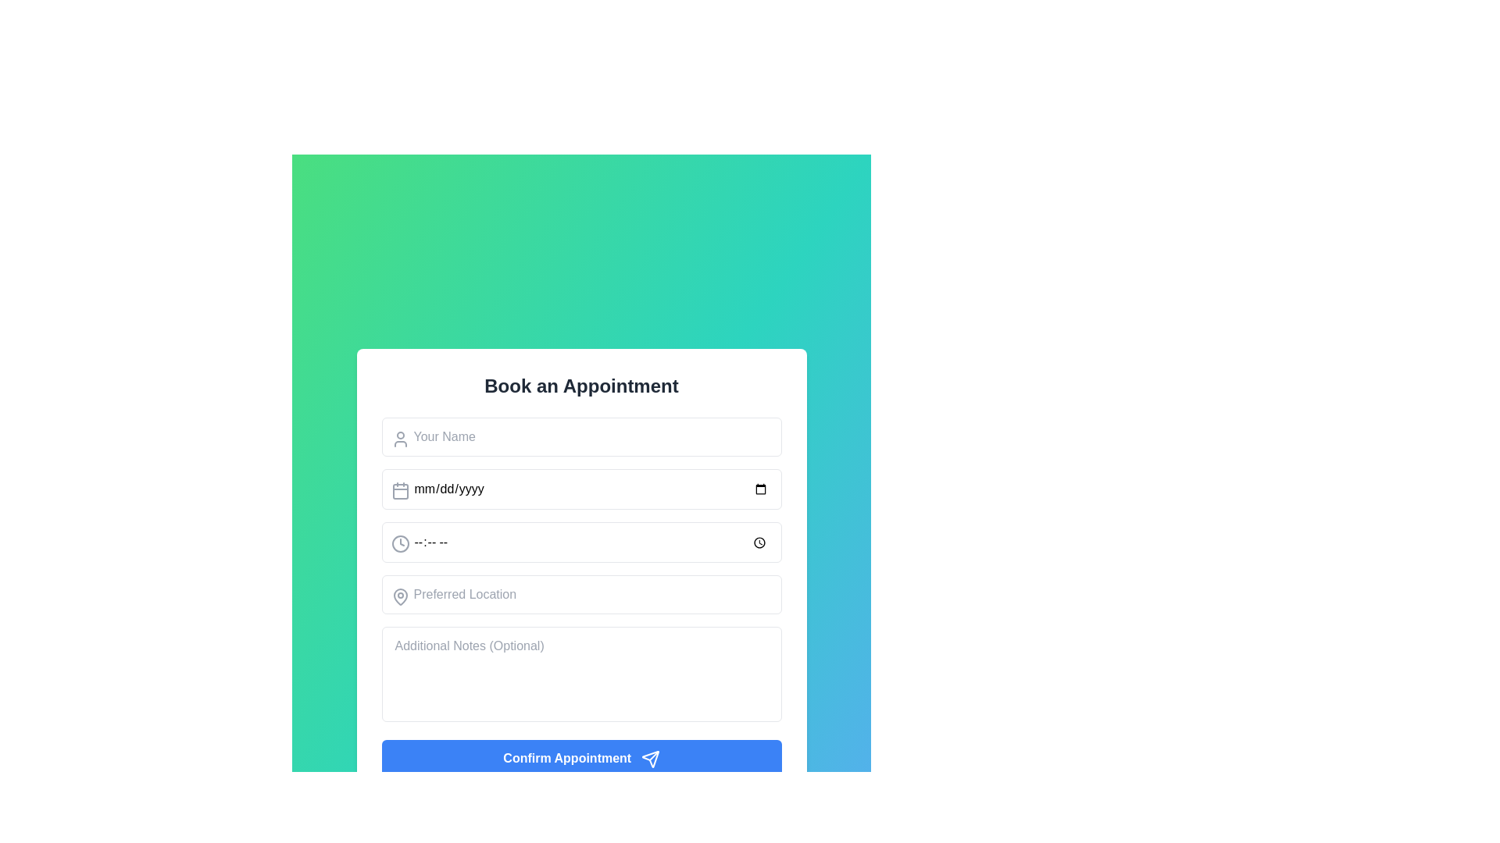  Describe the element at coordinates (400, 597) in the screenshot. I see `the non-interactive decorative icon that visually indicates location-related input for the 'Preferred Location' field, which is situated in the top-left corner of the input field` at that location.